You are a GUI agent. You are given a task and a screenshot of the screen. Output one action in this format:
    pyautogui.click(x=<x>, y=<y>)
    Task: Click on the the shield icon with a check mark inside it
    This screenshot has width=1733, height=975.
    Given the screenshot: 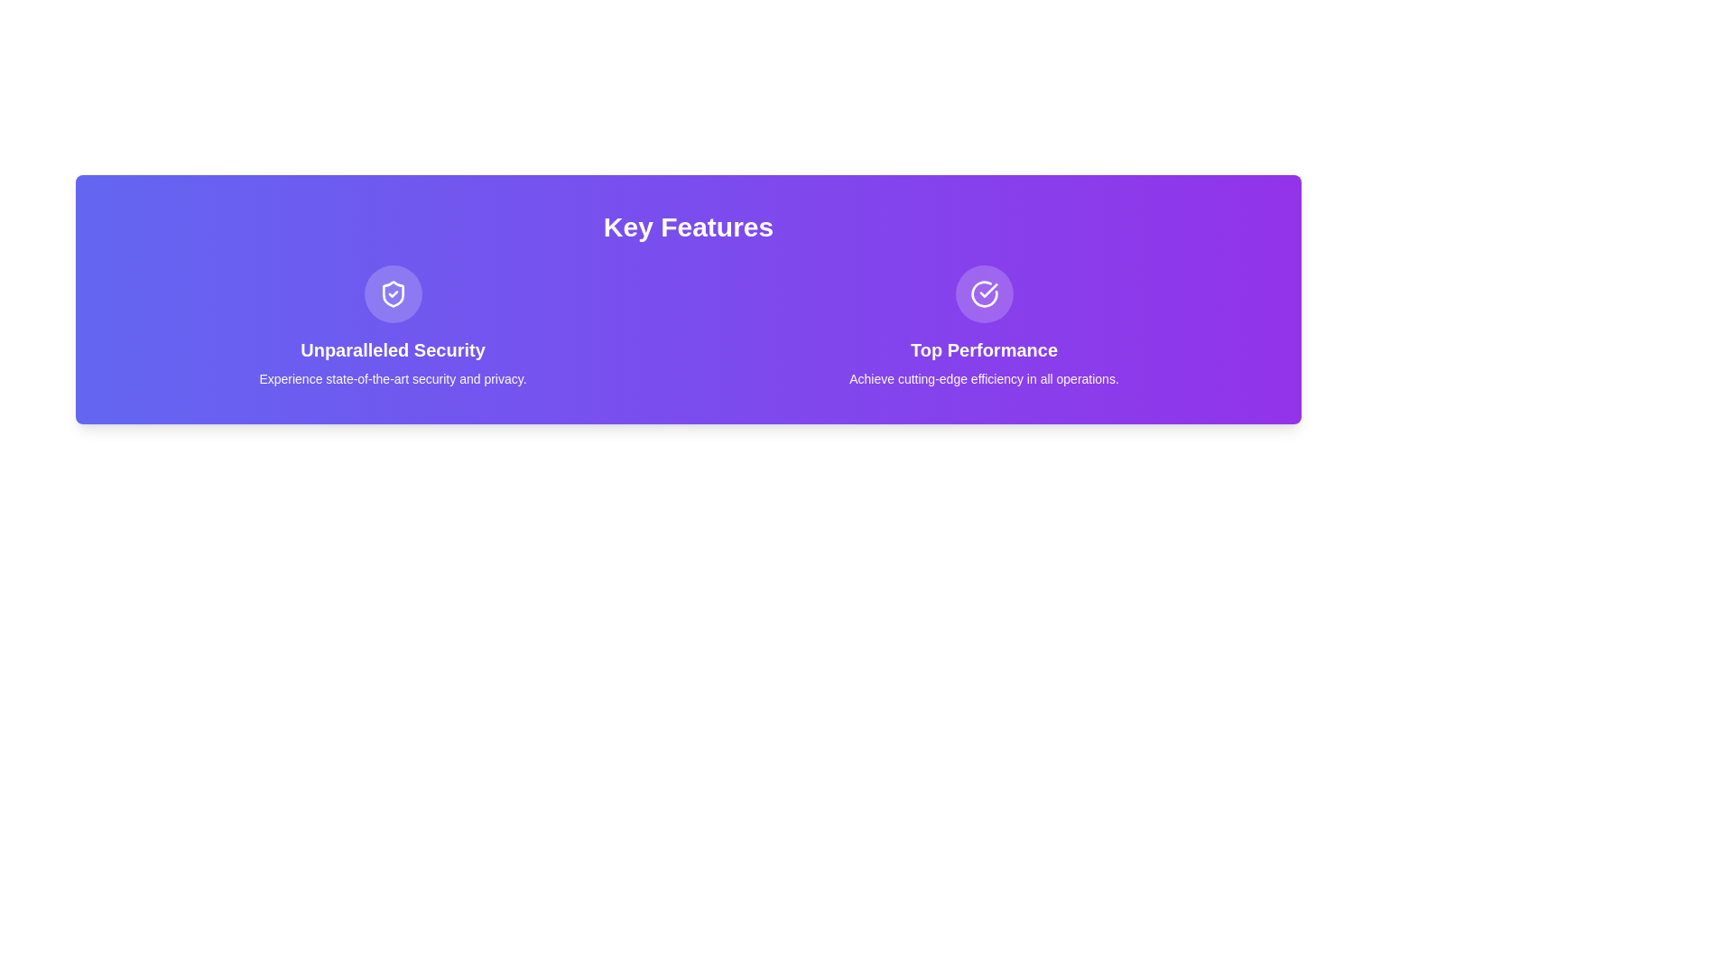 What is the action you would take?
    pyautogui.click(x=392, y=293)
    